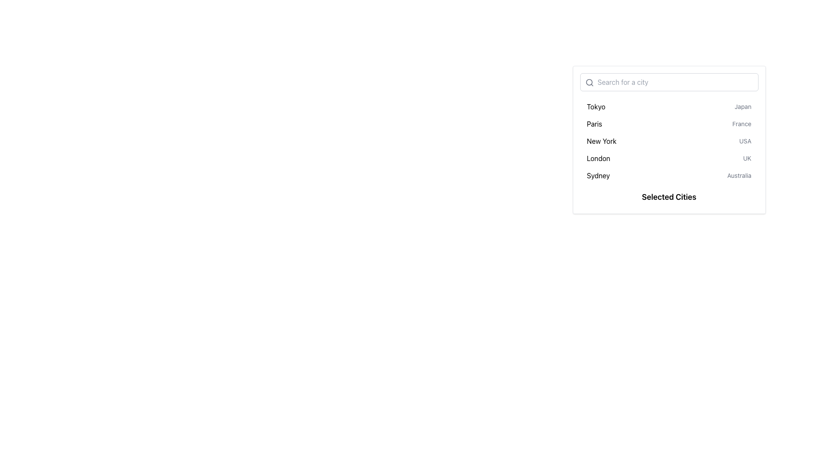 This screenshot has height=465, width=827. I want to click on the first list item representing 'Tokyo, Japan' in the dropdown menu, so click(668, 106).